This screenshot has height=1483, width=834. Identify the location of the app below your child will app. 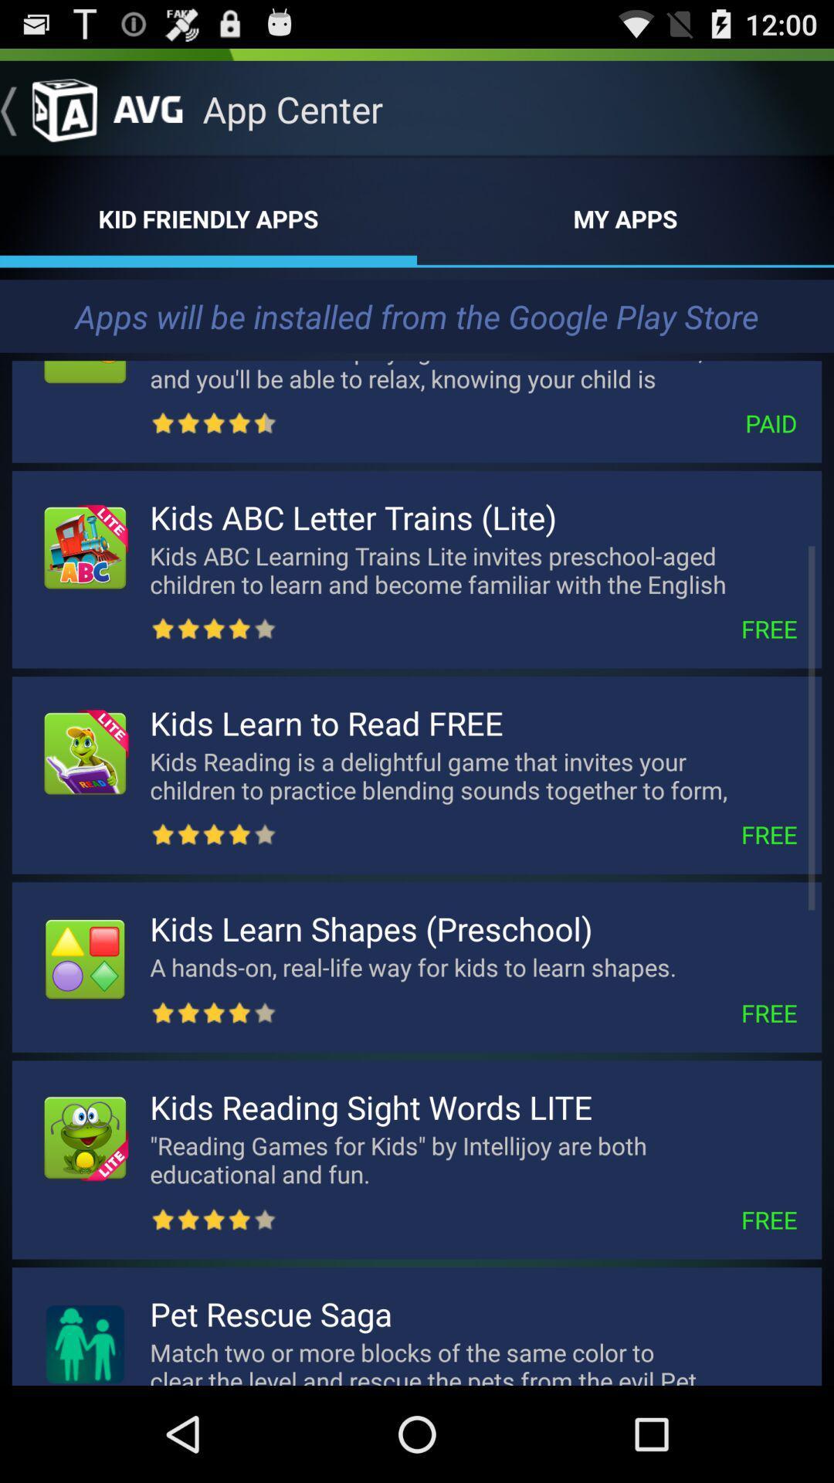
(536, 423).